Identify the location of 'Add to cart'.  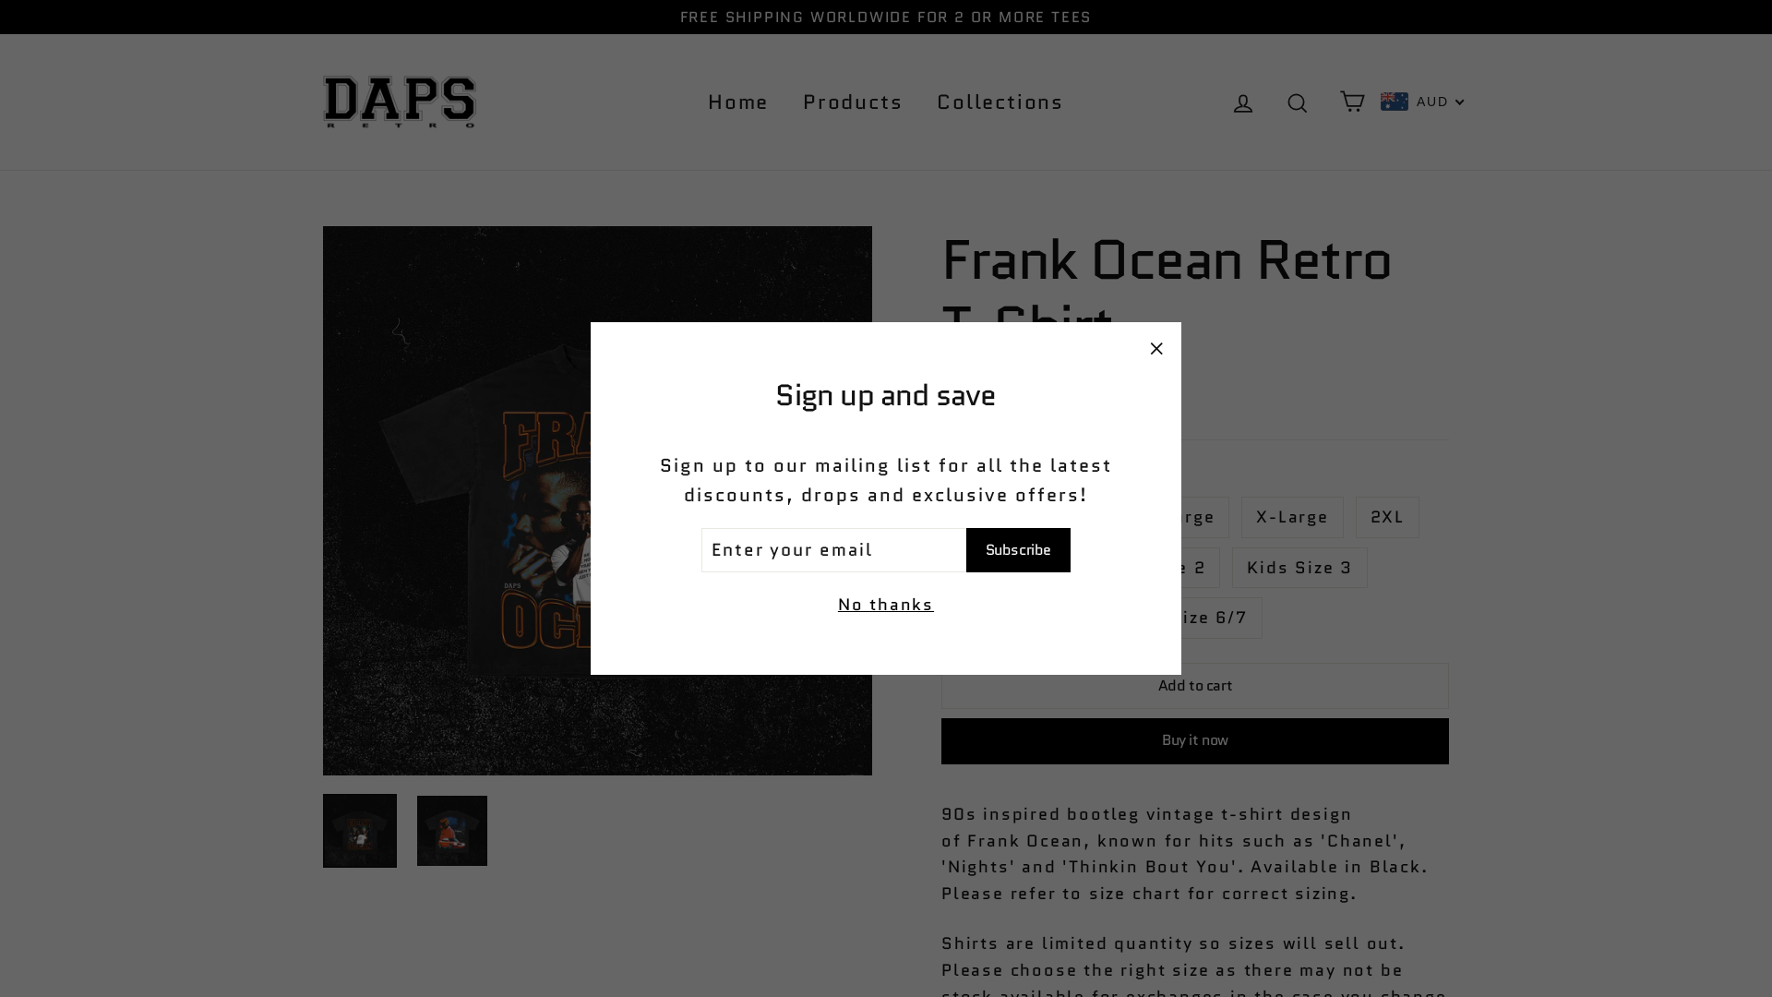
(1195, 686).